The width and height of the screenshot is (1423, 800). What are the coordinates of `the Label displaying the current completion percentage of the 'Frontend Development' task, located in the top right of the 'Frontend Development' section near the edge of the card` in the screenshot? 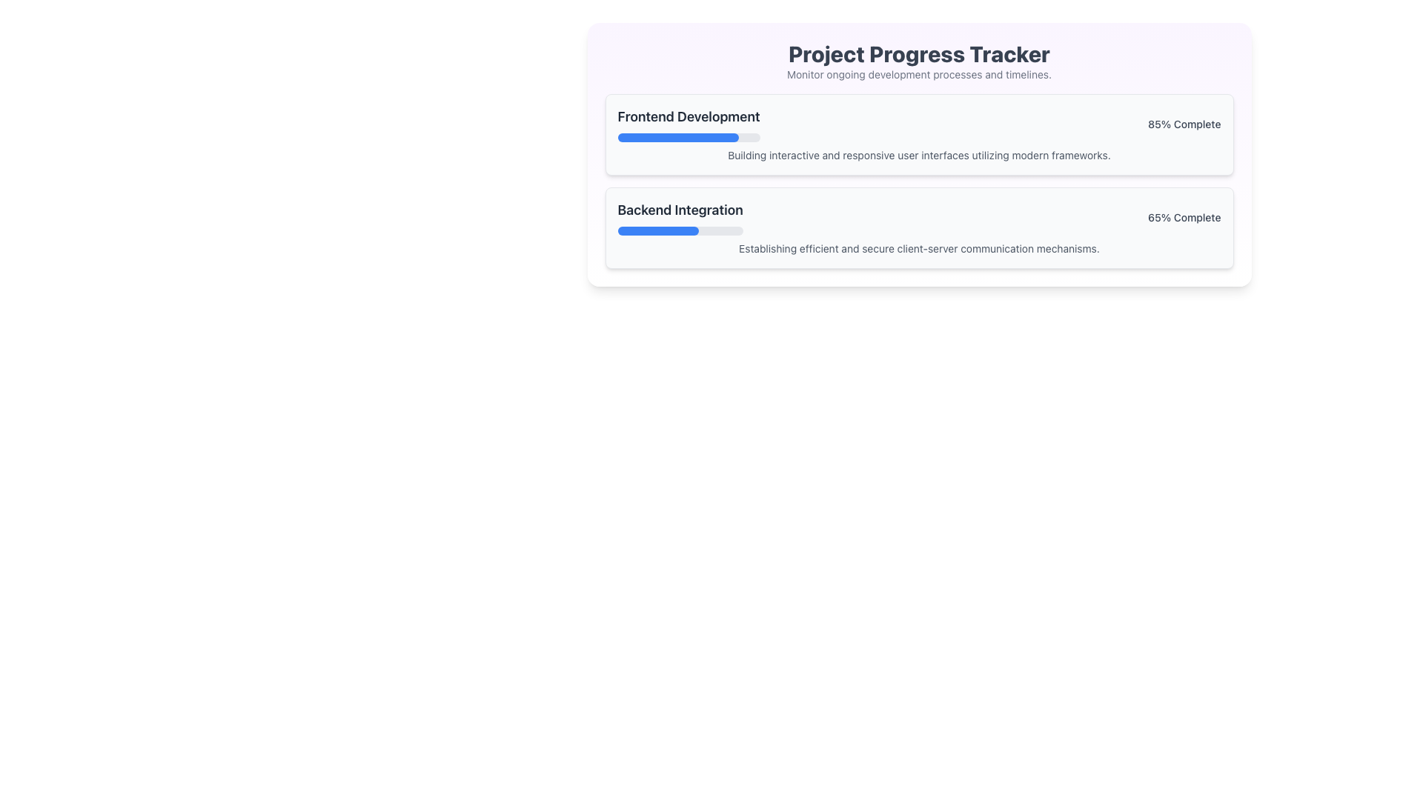 It's located at (1184, 124).